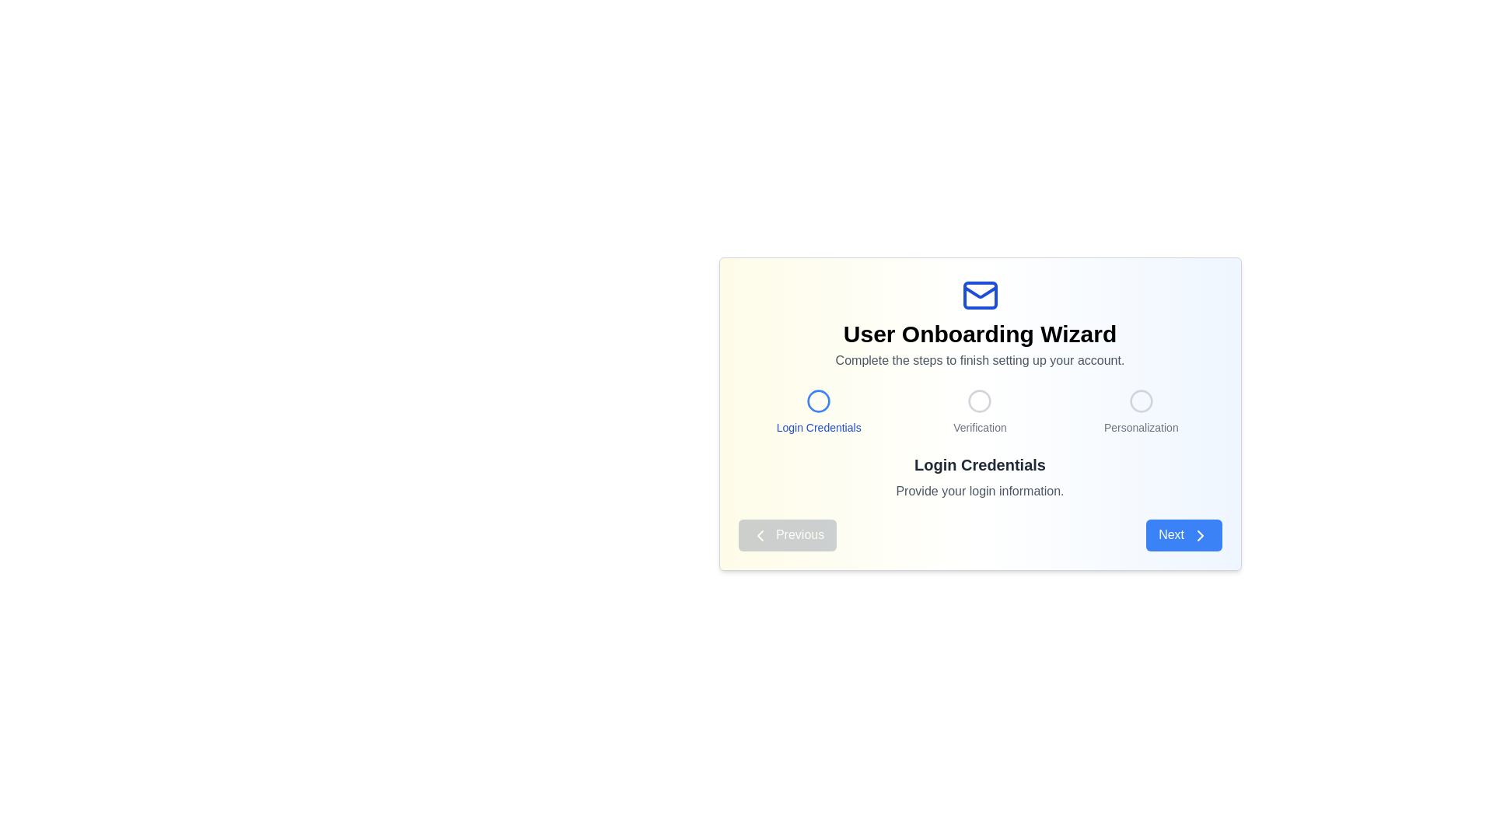 Image resolution: width=1493 pixels, height=840 pixels. Describe the element at coordinates (978, 411) in the screenshot. I see `the 'Verification' step indicator in the multi-step onboarding process` at that location.